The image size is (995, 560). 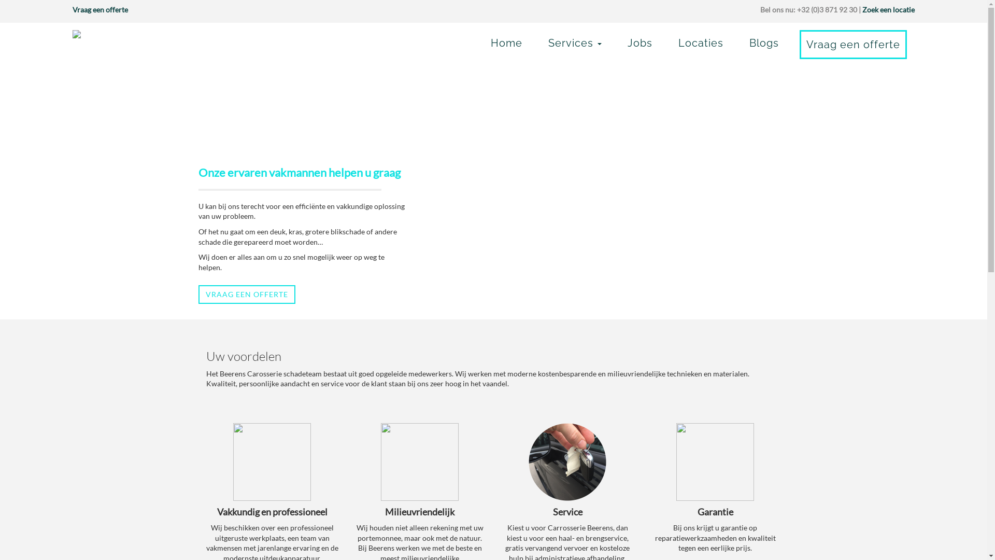 I want to click on 'Zoek een locatie', so click(x=888, y=9).